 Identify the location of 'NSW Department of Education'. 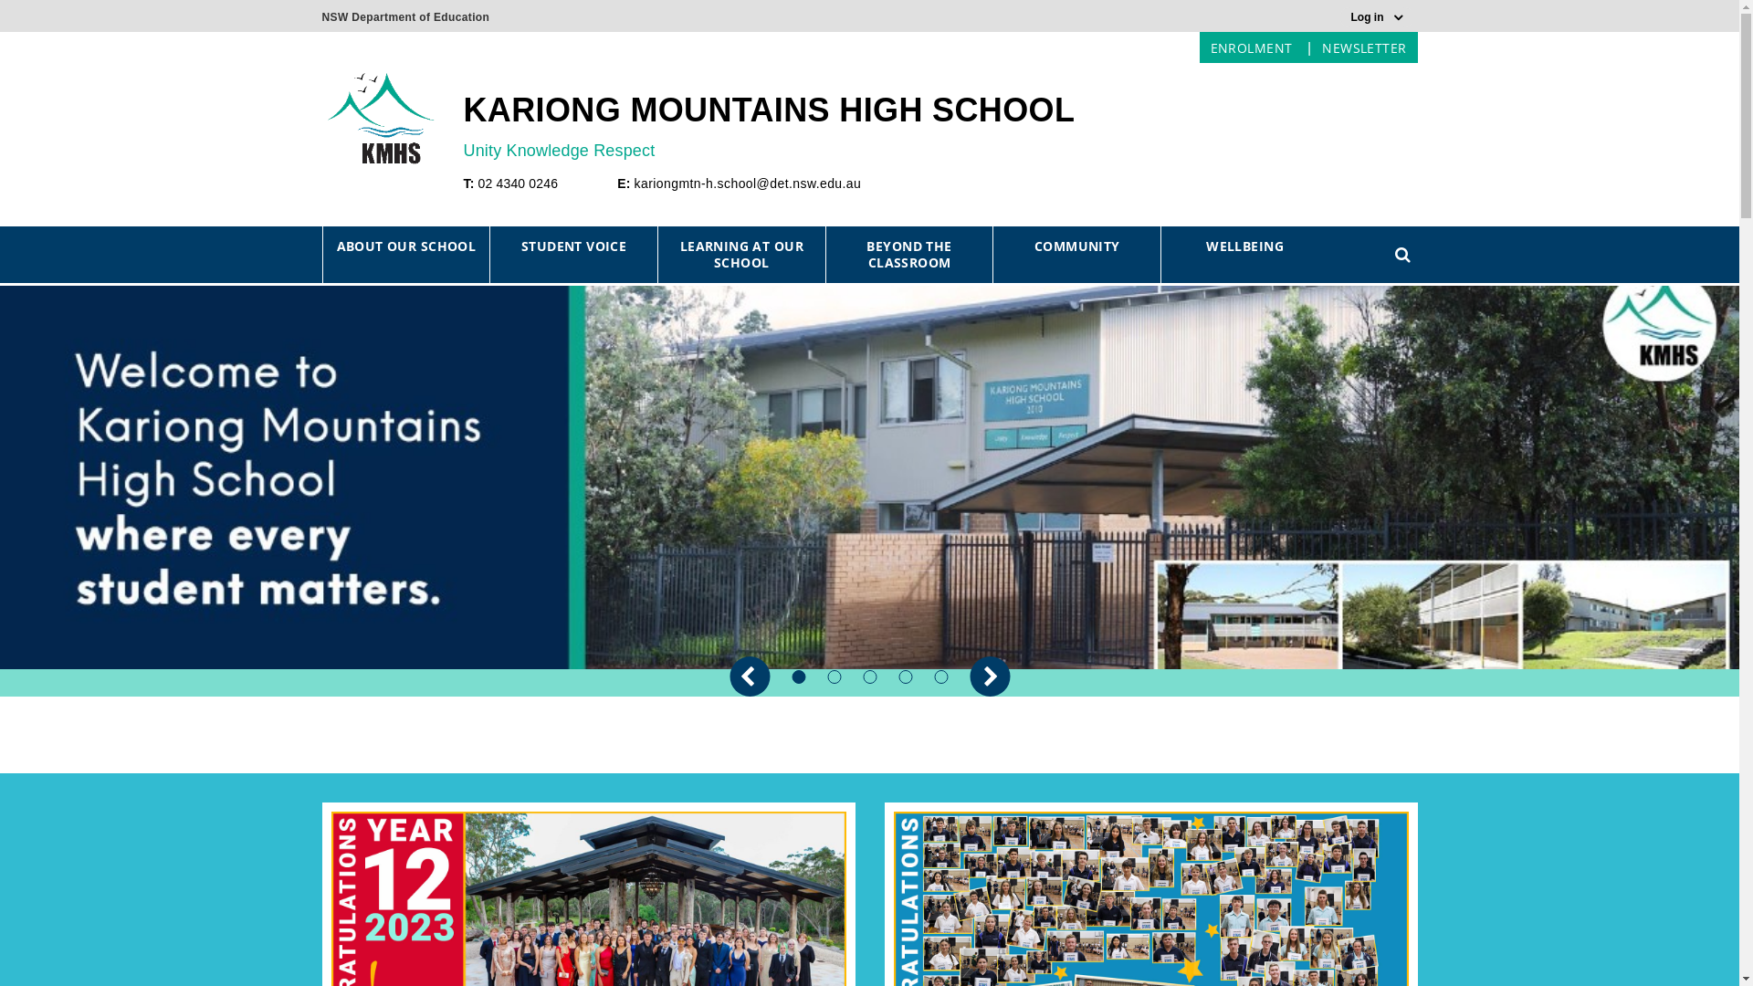
(404, 13).